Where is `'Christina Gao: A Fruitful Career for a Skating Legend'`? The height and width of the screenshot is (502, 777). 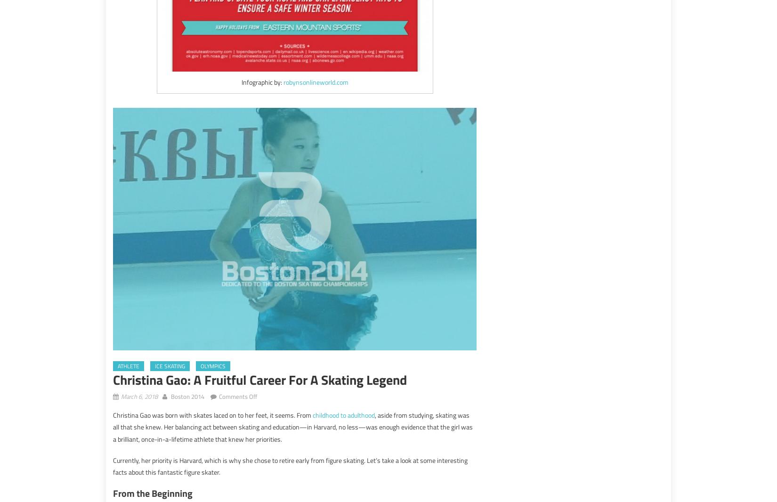 'Christina Gao: A Fruitful Career for a Skating Legend' is located at coordinates (259, 380).